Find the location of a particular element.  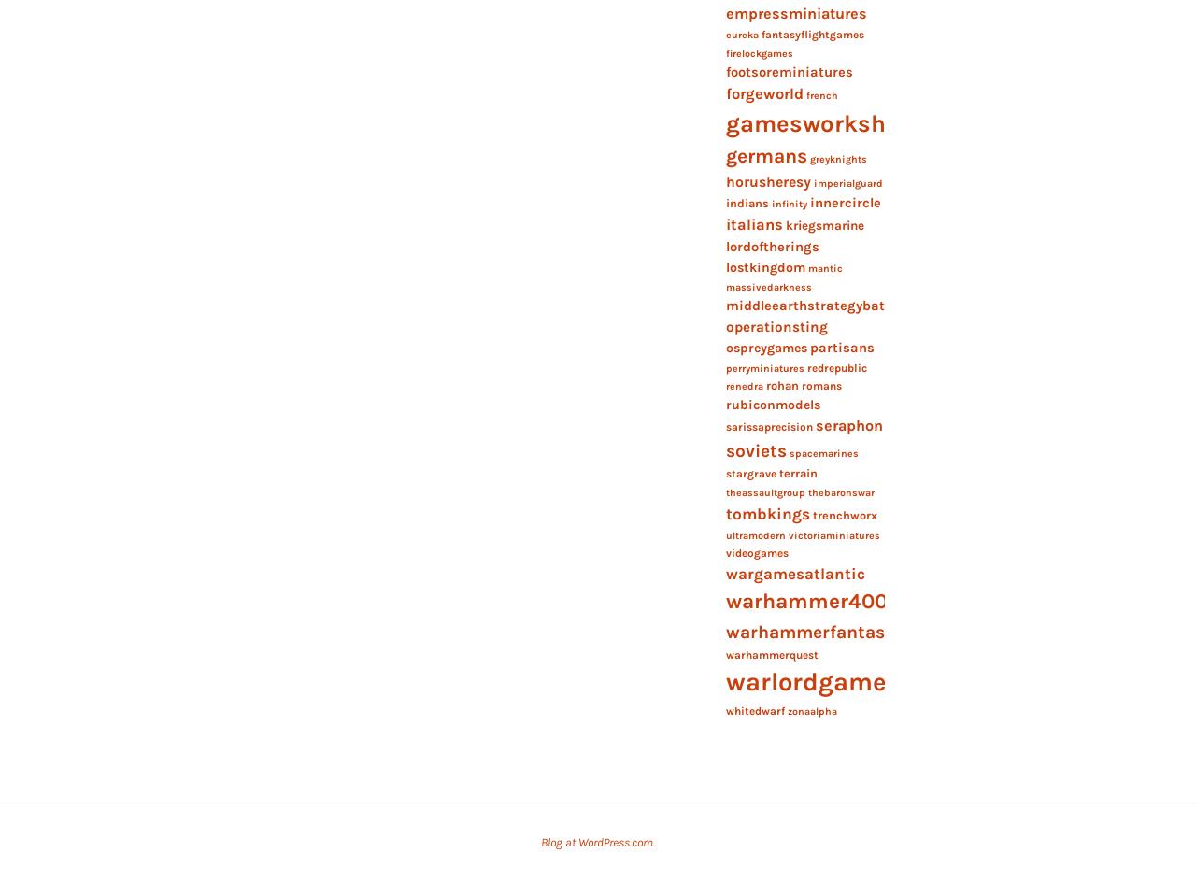

'infinity' is located at coordinates (789, 203).